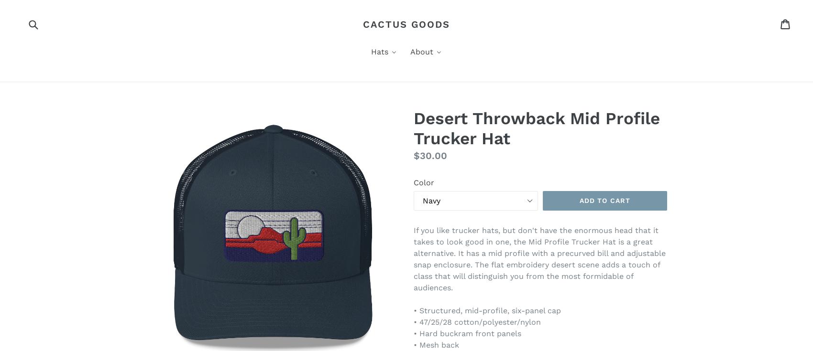  What do you see at coordinates (436, 345) in the screenshot?
I see `'• Mesh back'` at bounding box center [436, 345].